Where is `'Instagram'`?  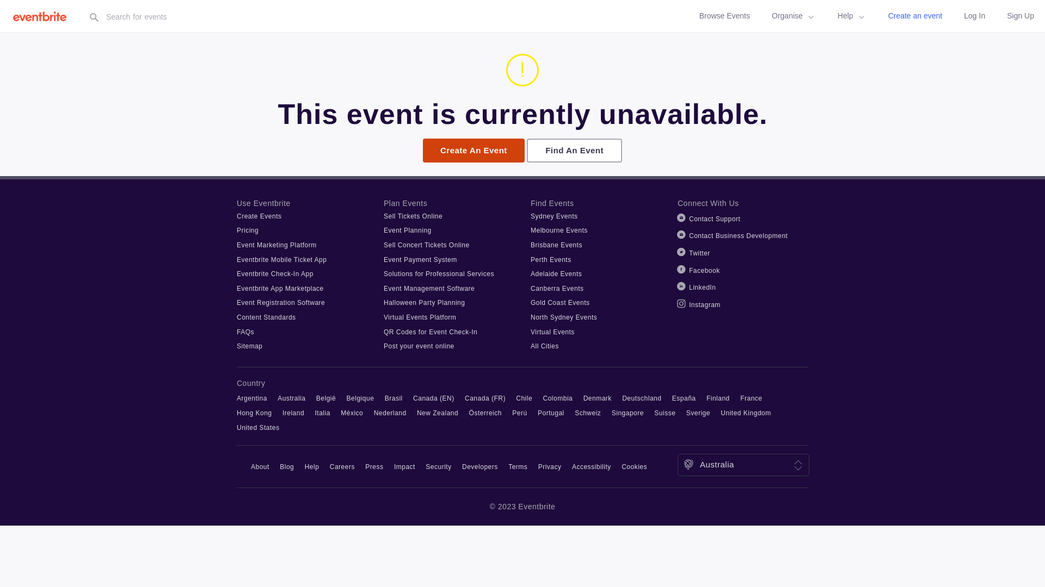
'Instagram' is located at coordinates (705, 304).